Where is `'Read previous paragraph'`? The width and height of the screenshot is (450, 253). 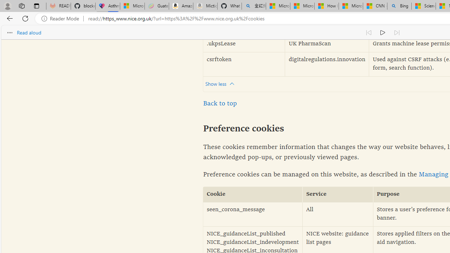
'Read previous paragraph' is located at coordinates (368, 32).